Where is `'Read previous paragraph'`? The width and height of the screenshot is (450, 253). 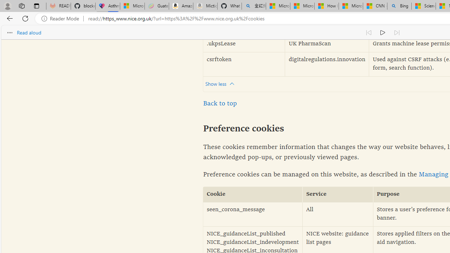
'Read previous paragraph' is located at coordinates (368, 32).